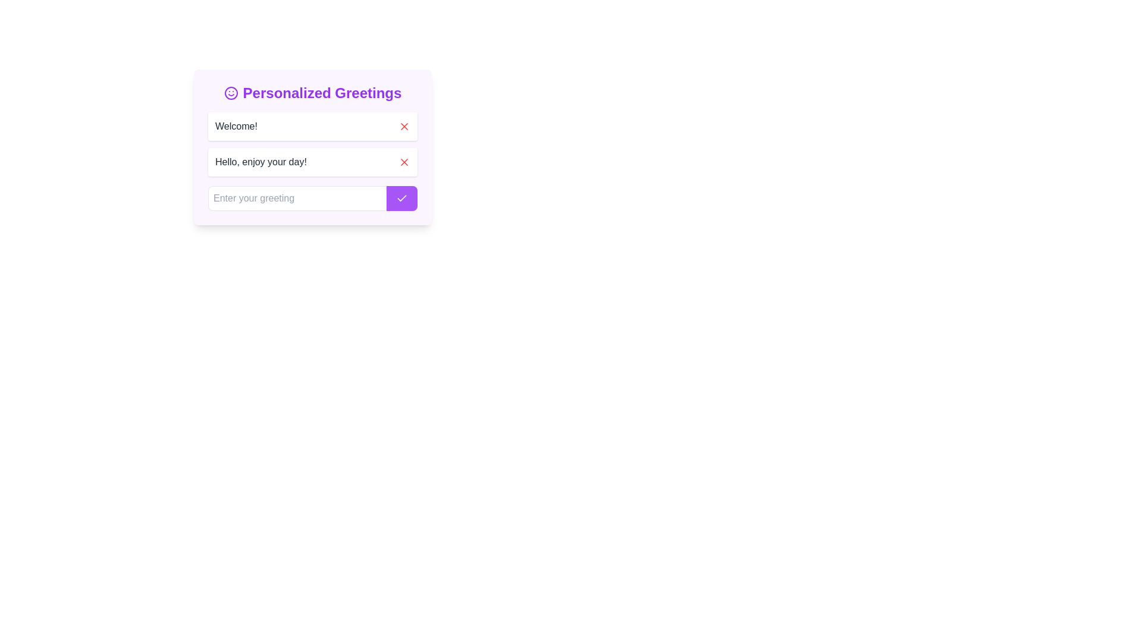 The width and height of the screenshot is (1142, 642). I want to click on the red 'X' close button located at the far right edge of the white rectangular box containing the text 'Welcome!', so click(404, 126).